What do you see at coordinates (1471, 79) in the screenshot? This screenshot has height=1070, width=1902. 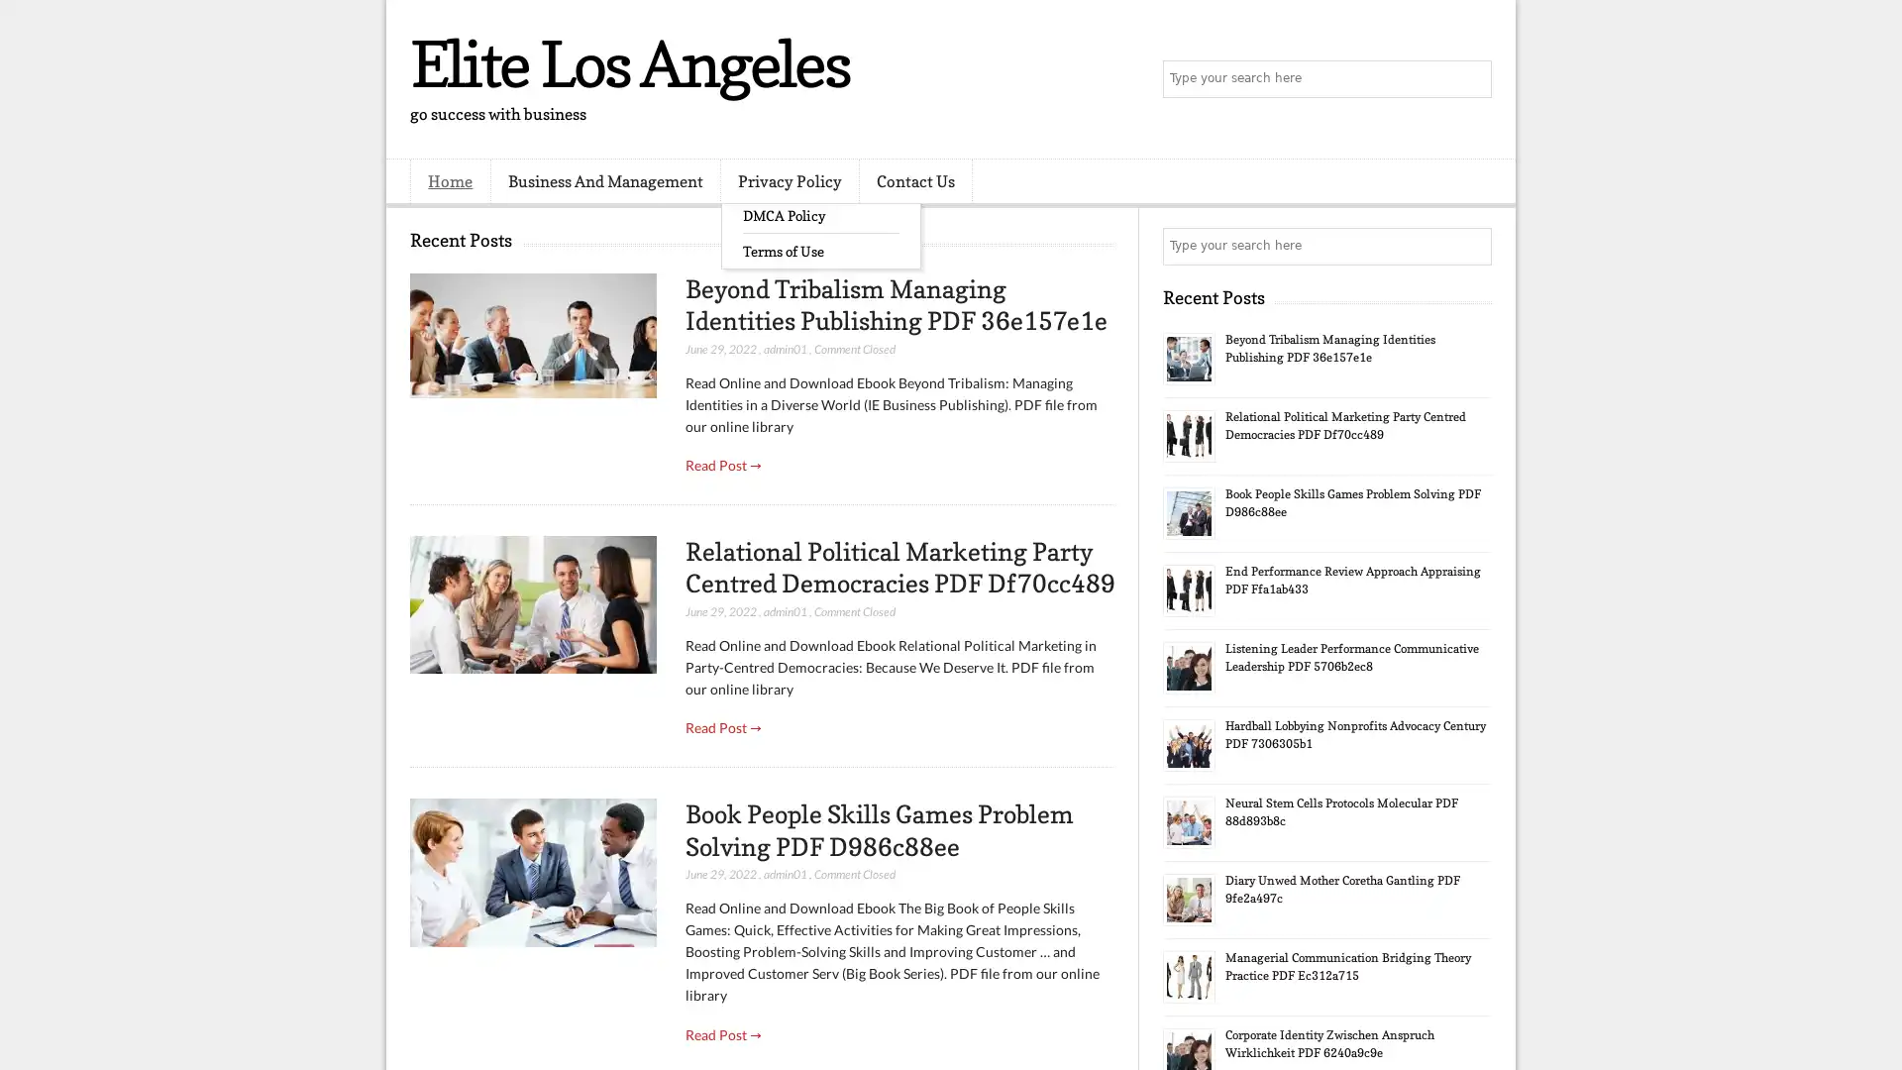 I see `Search` at bounding box center [1471, 79].